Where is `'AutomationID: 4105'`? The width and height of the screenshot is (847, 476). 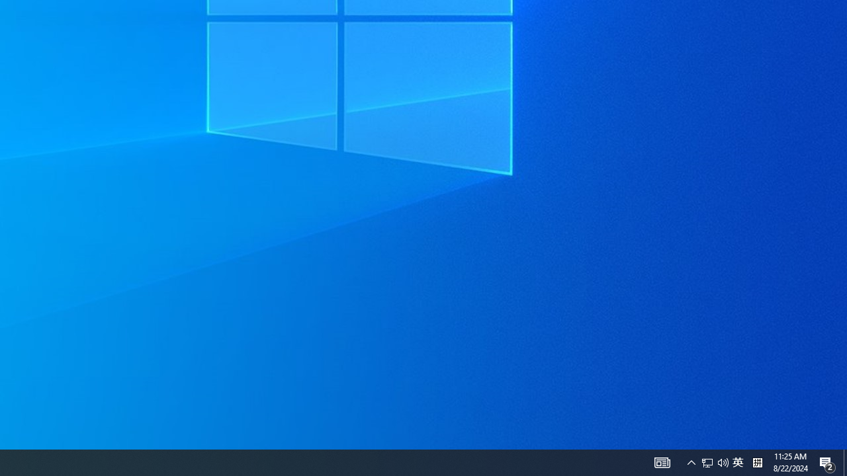 'AutomationID: 4105' is located at coordinates (662, 461).